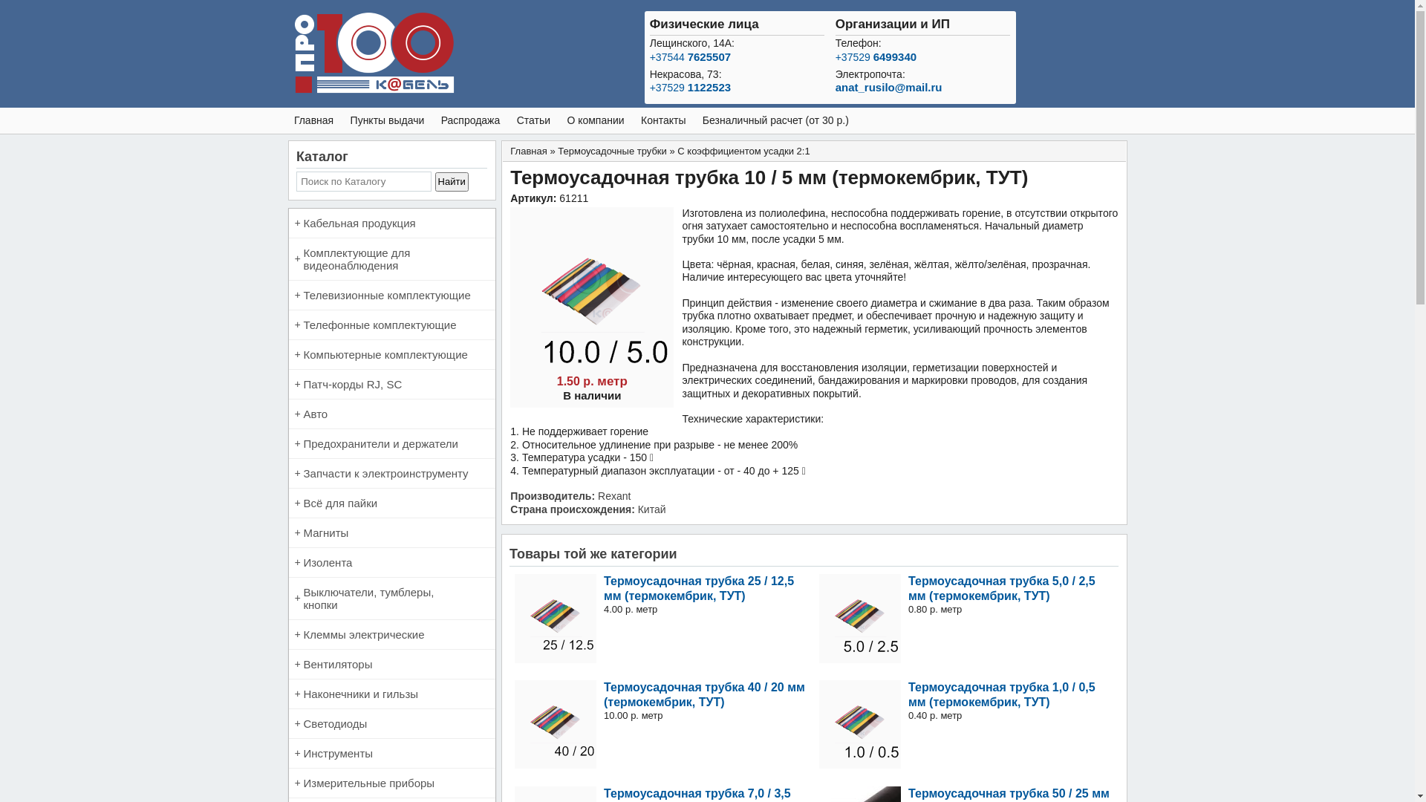 This screenshot has width=1426, height=802. What do you see at coordinates (689, 88) in the screenshot?
I see `'+37529 1122523'` at bounding box center [689, 88].